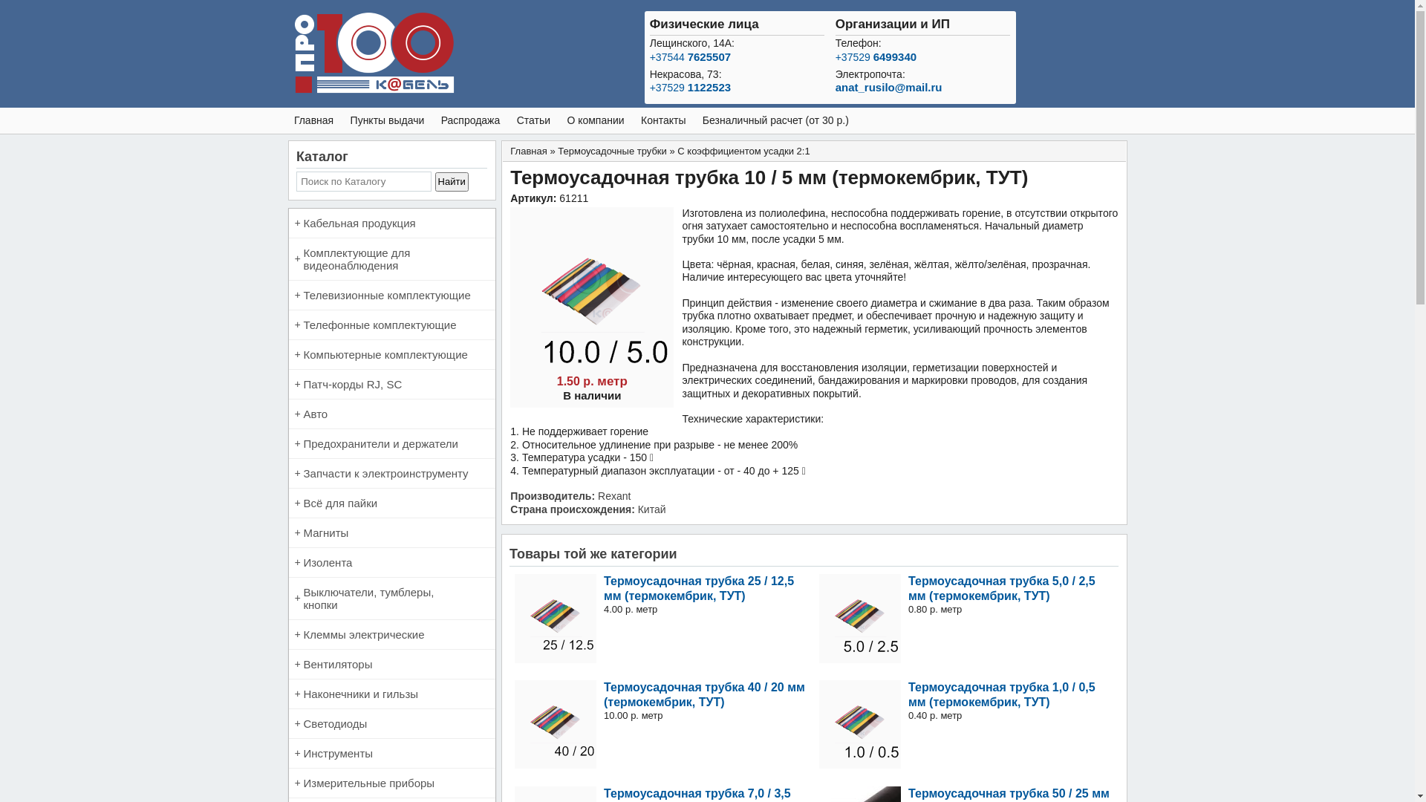 This screenshot has width=1426, height=802. What do you see at coordinates (689, 88) in the screenshot?
I see `'+37529 1122523'` at bounding box center [689, 88].